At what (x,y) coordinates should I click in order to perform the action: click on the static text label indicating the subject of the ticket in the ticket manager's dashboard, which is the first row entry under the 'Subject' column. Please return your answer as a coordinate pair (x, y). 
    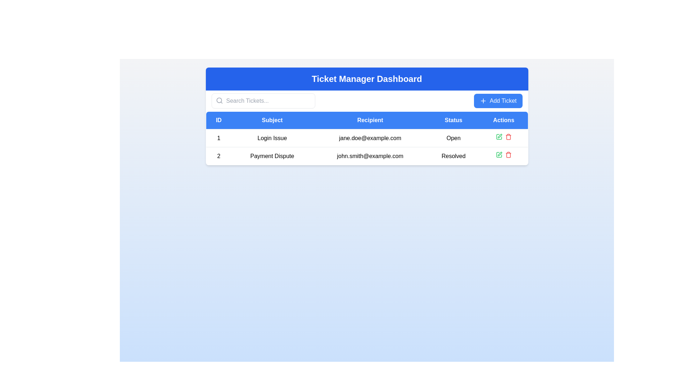
    Looking at the image, I should click on (272, 138).